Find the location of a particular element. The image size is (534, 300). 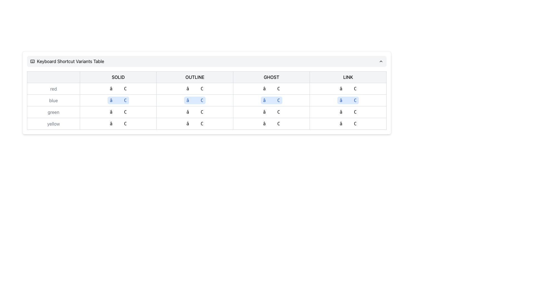

the label in the first column of the second row in the table that categorizes the color option 'blue', located directly under the 'red' row and aligned with the 'Solid' column title is located at coordinates (53, 100).